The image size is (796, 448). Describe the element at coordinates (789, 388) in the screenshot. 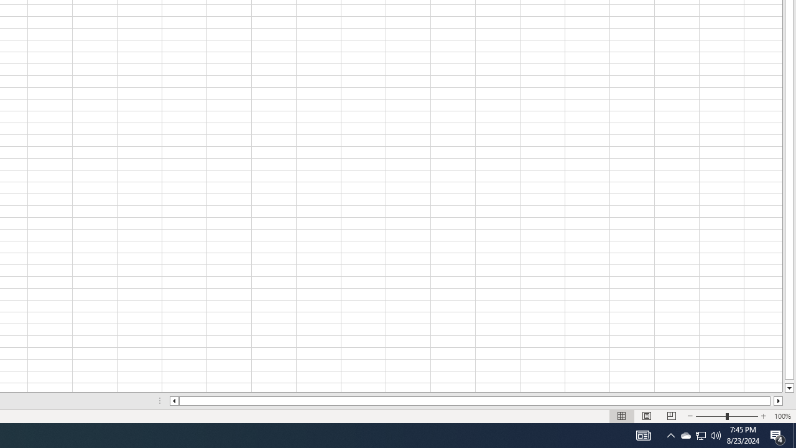

I see `'Line down'` at that location.